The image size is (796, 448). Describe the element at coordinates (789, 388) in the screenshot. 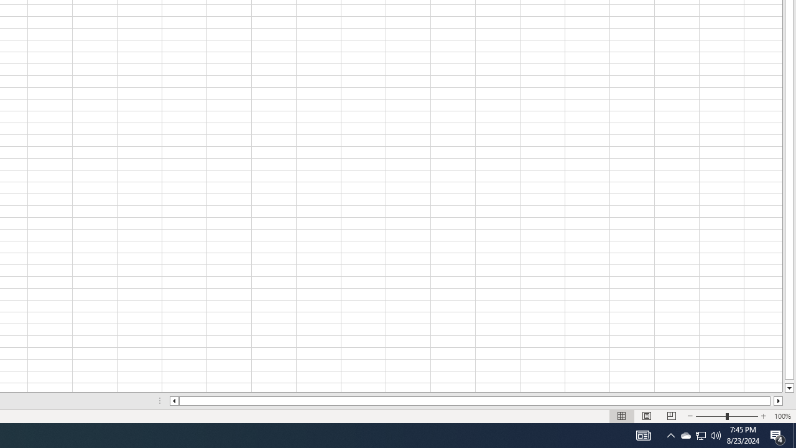

I see `'Line down'` at that location.